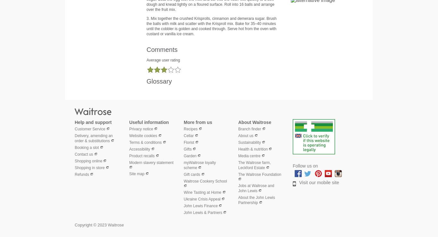  I want to click on 'Delivery, amending an order & substitutions', so click(94, 138).